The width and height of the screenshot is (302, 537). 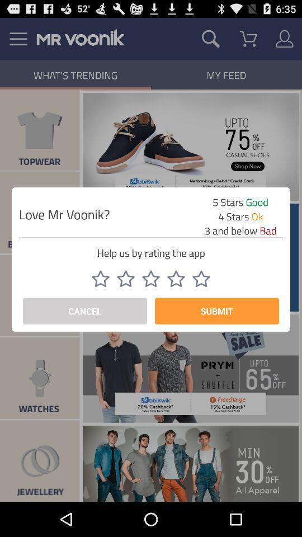 I want to click on app rating option, so click(x=100, y=278).